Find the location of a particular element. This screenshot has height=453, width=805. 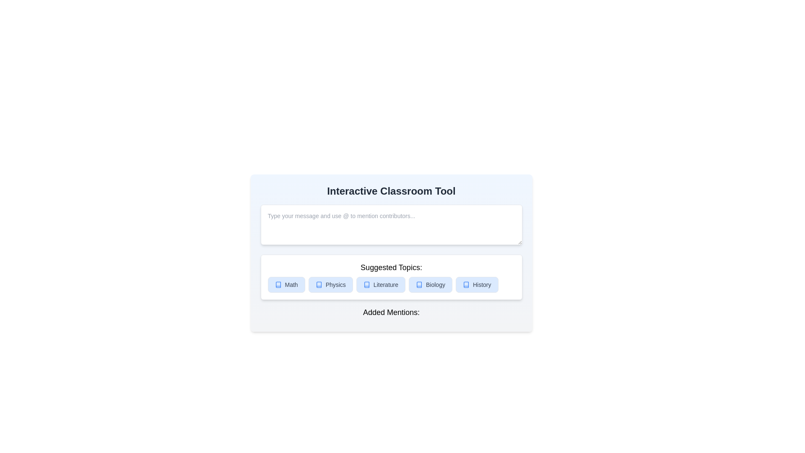

the light blue book icon located inside the 'History' button, positioned to the left of the button text is located at coordinates (465, 284).